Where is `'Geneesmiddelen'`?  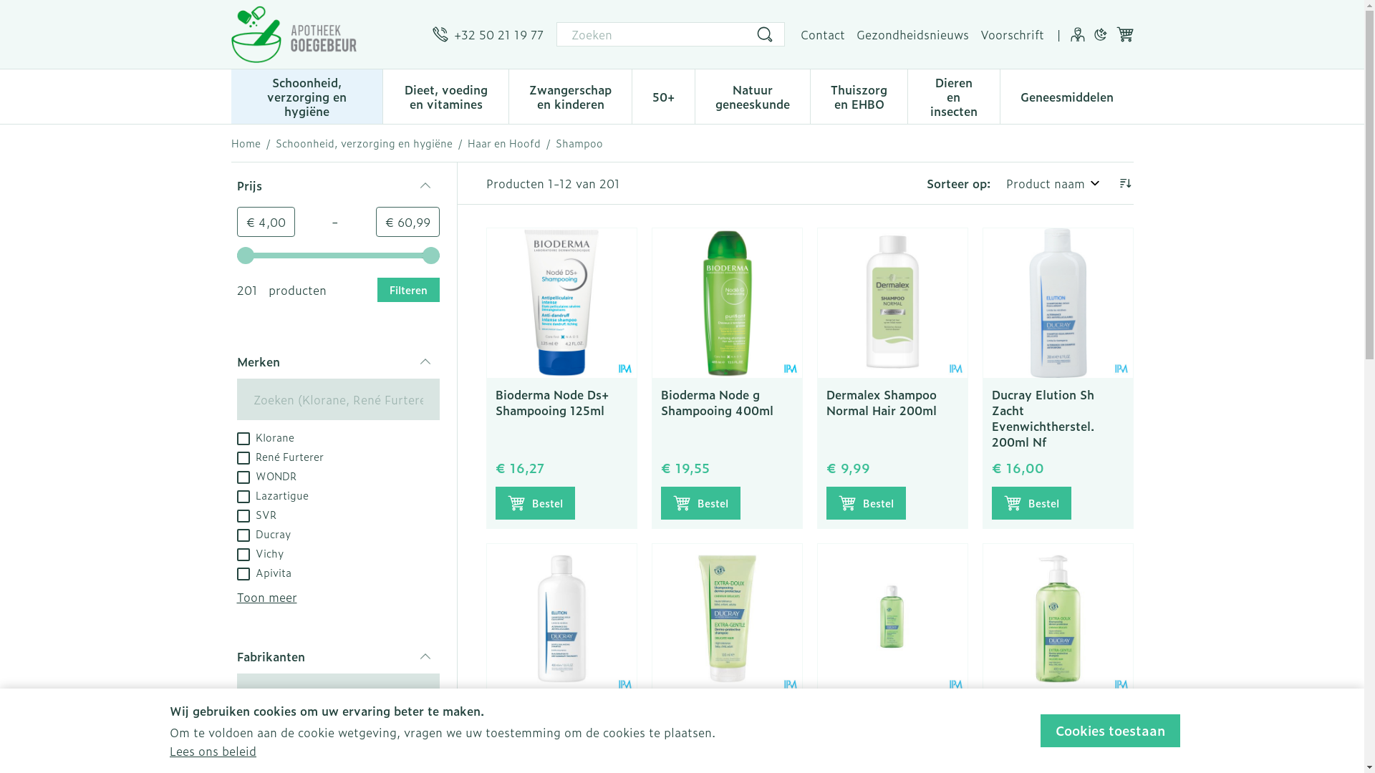
'Geneesmiddelen' is located at coordinates (1066, 94).